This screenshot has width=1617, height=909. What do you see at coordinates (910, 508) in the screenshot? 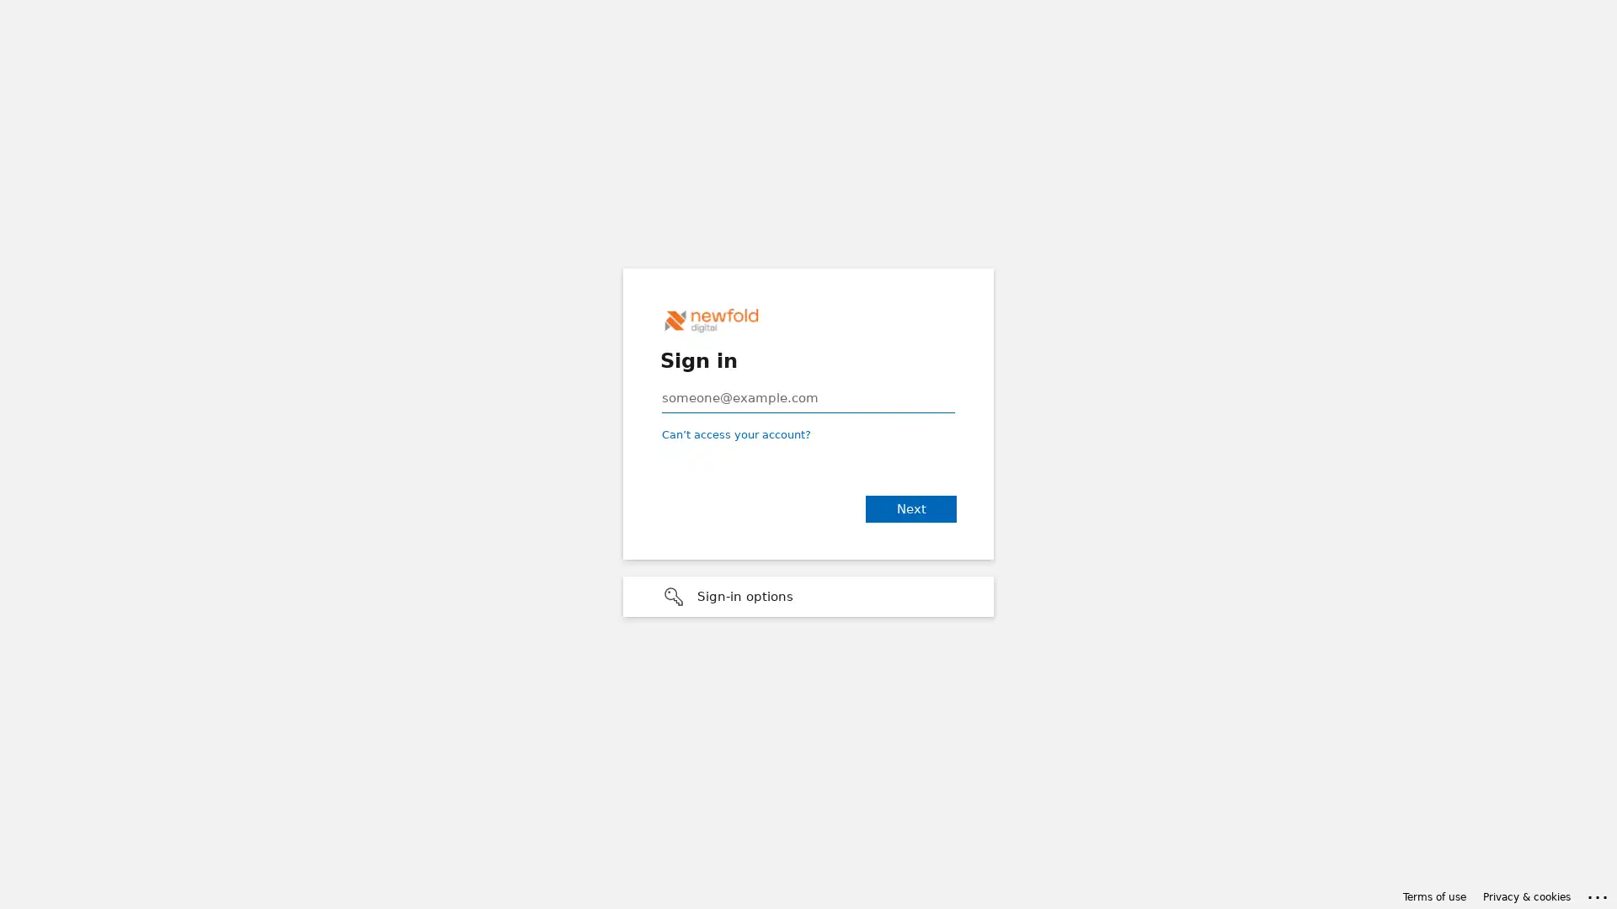
I see `Next` at bounding box center [910, 508].